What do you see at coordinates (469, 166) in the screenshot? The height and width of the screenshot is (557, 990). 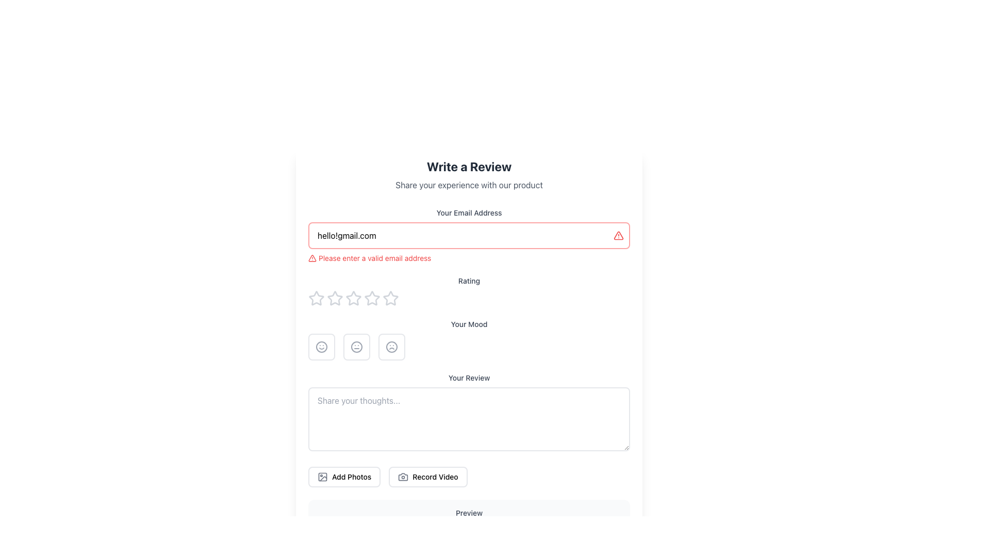 I see `the bold text label reading 'Write a Review' located at the top of the page's form section, which is designed to attract user attention as a header` at bounding box center [469, 166].